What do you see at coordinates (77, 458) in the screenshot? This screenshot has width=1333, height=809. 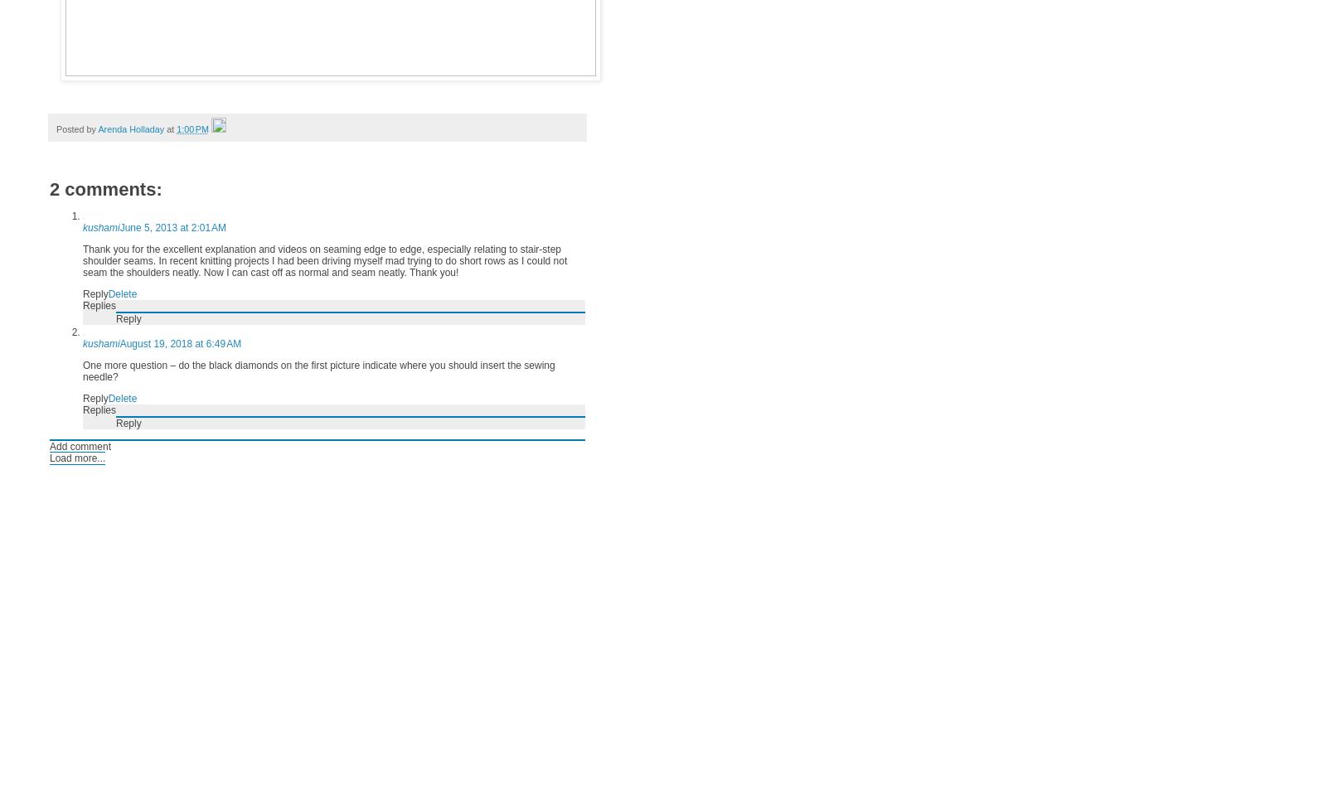 I see `'Load more...'` at bounding box center [77, 458].